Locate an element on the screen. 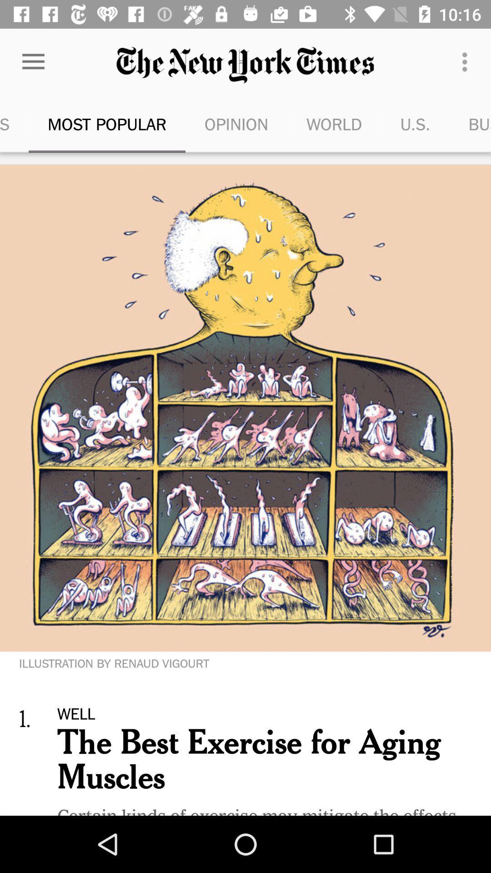 The width and height of the screenshot is (491, 873). the top stories item is located at coordinates (14, 124).